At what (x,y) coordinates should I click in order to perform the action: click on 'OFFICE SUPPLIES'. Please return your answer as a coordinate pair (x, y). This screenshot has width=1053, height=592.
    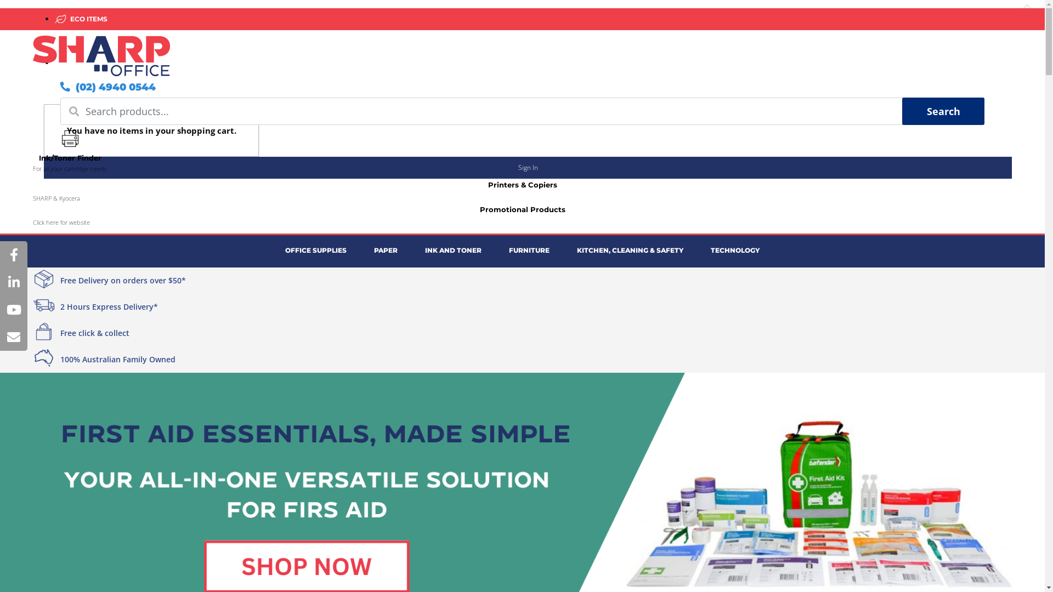
    Looking at the image, I should click on (271, 250).